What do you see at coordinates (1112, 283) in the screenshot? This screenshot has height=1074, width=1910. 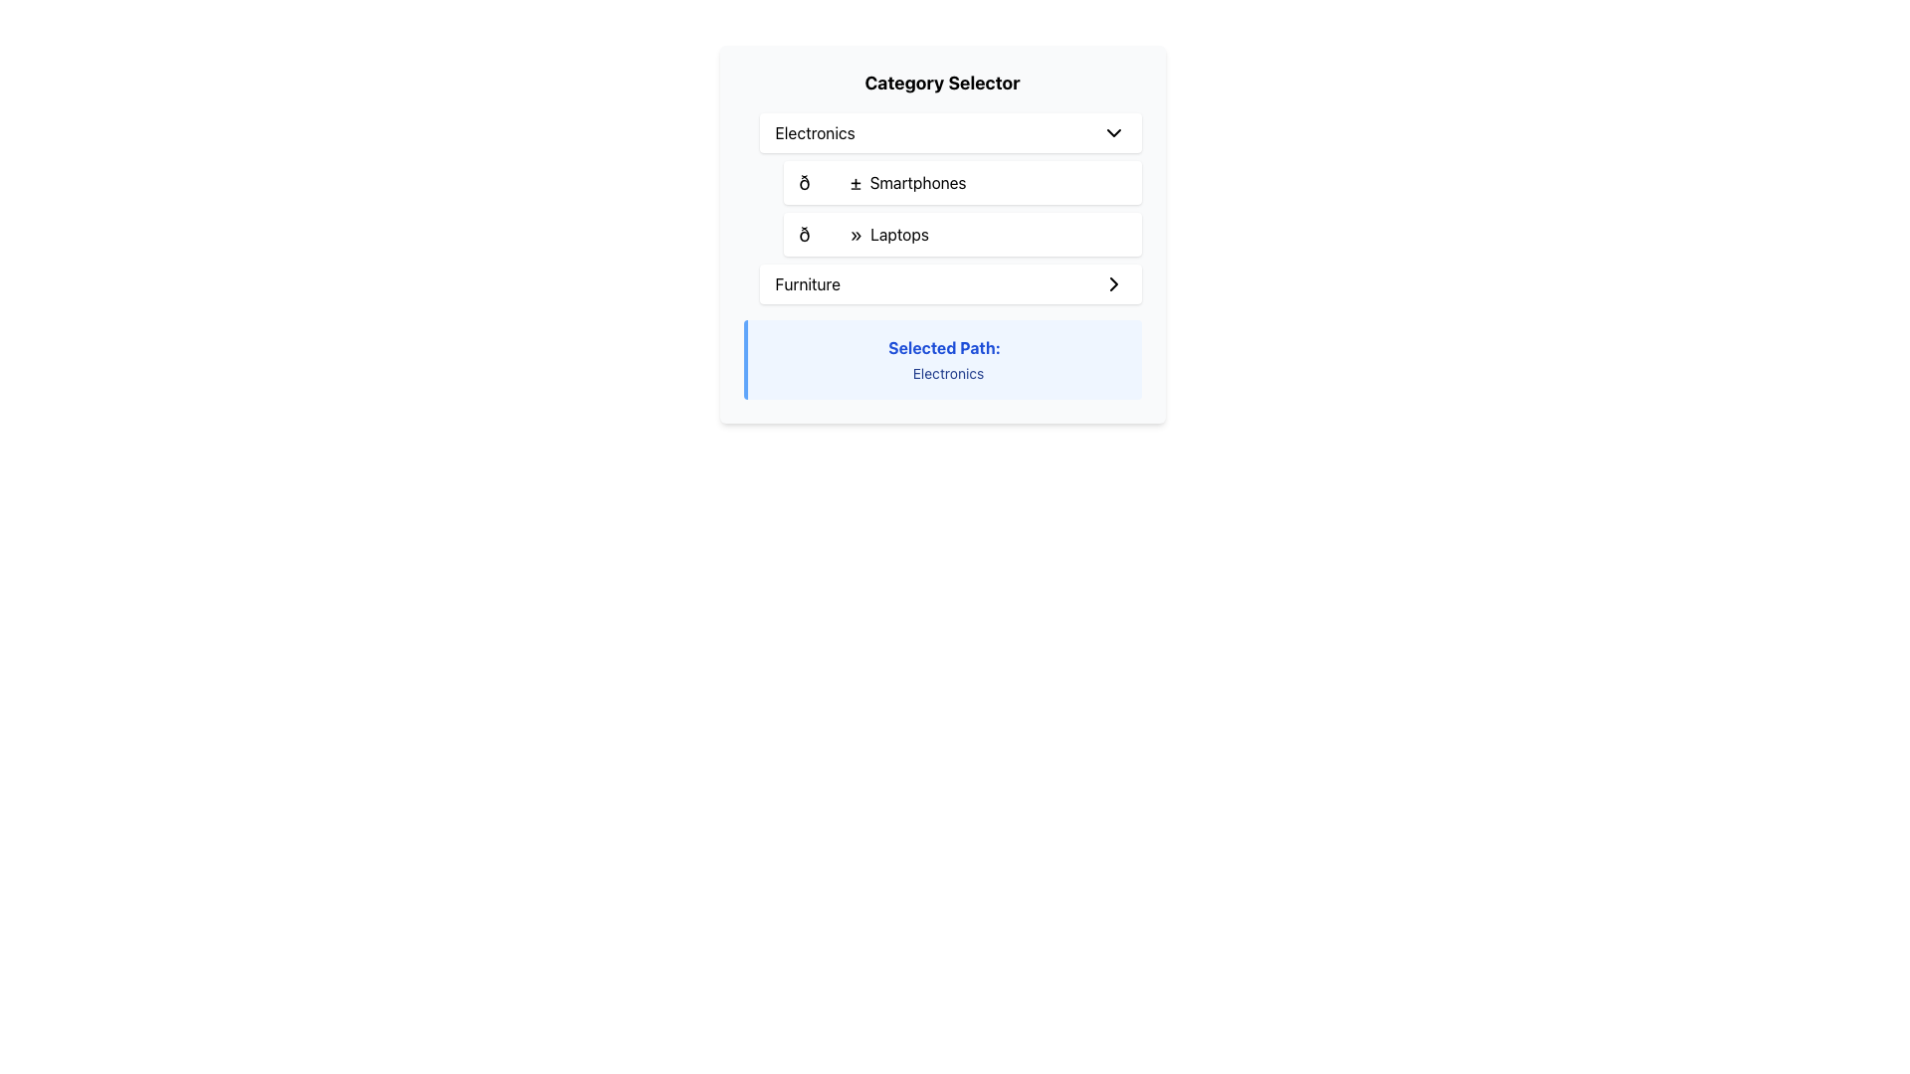 I see `the Chevron icon next to the 'Furniture' label in the Category Selector, which indicates the option to expand subcategories` at bounding box center [1112, 283].